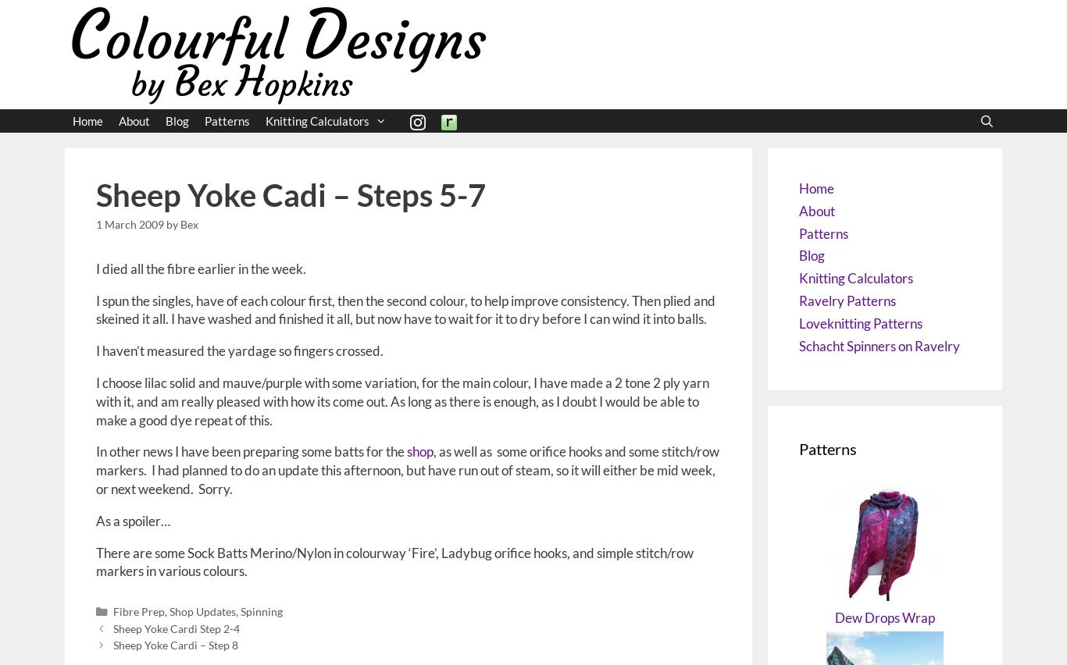  I want to click on 'Loveknitting Patterns', so click(859, 322).